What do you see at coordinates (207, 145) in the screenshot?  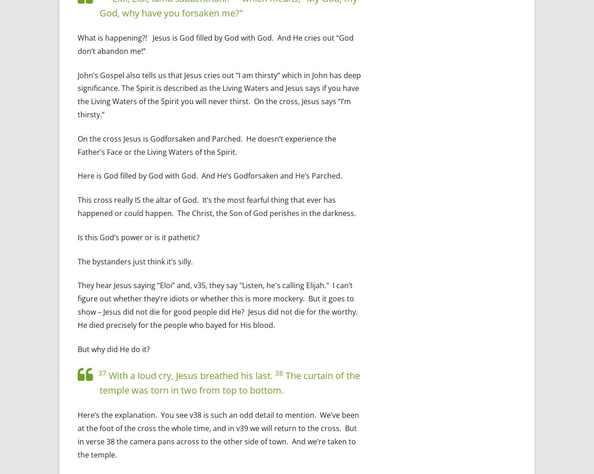 I see `'On the cross Jesus is Godforsaken and Parched.  He doesn’t experience the Father’s Face or the Living Waters of the Spirit.'` at bounding box center [207, 145].